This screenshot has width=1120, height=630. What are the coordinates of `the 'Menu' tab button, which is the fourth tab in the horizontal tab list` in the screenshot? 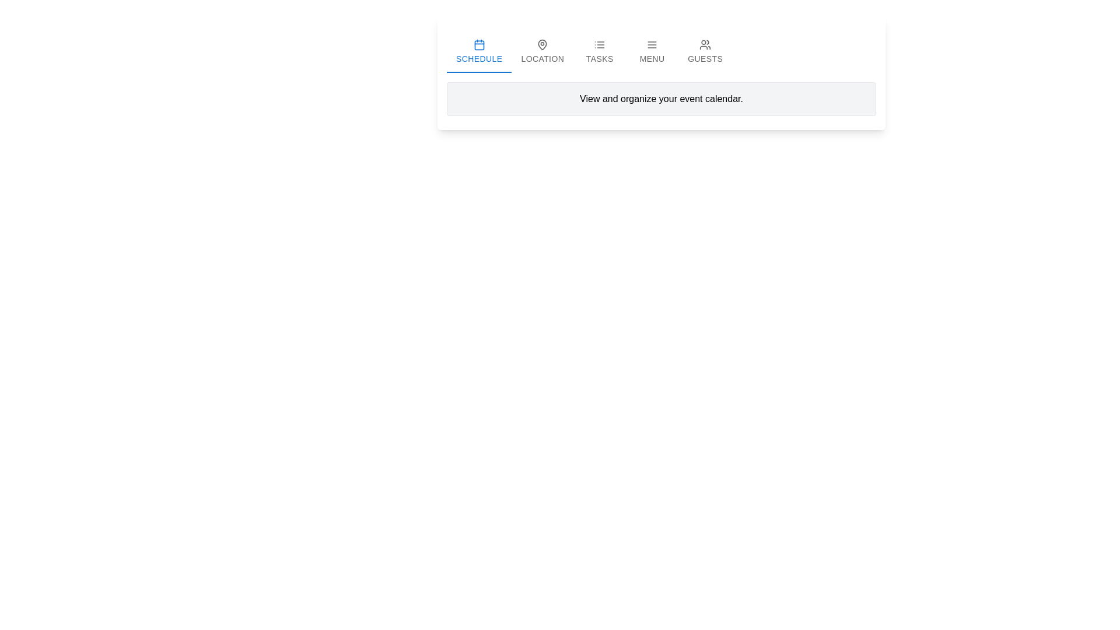 It's located at (652, 51).